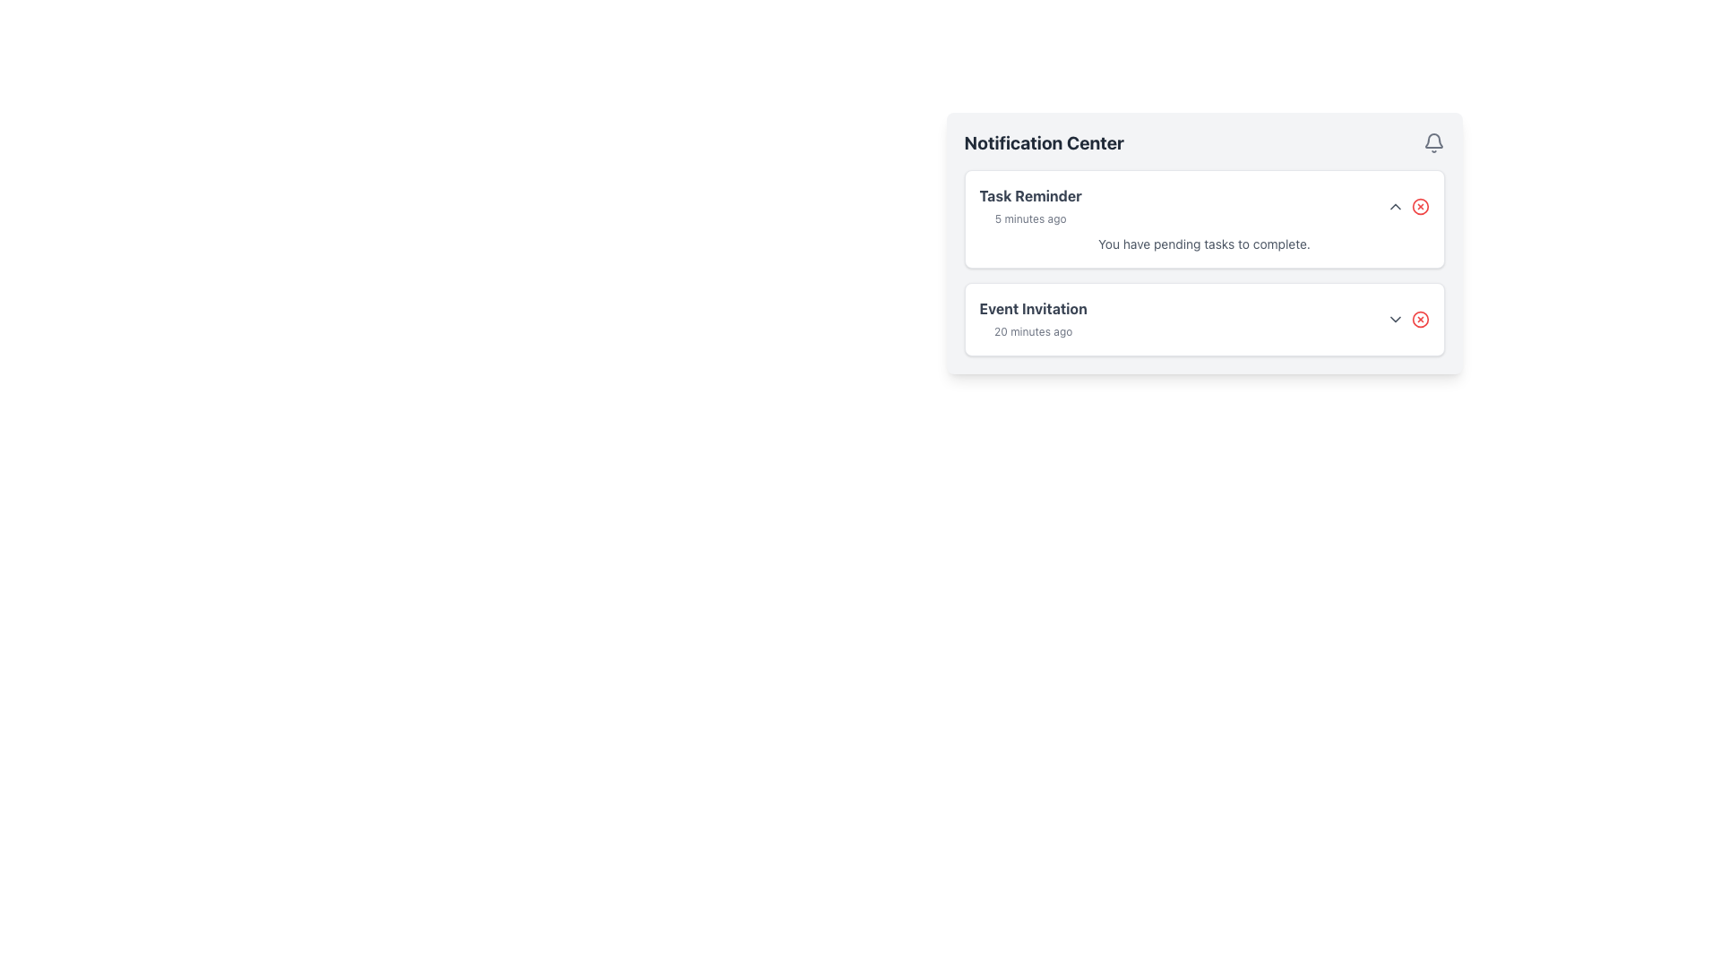  Describe the element at coordinates (1033, 331) in the screenshot. I see `the text label displaying '20 minutes ago' located in the 'Notification Center' panel under 'Event Invitation'` at that location.